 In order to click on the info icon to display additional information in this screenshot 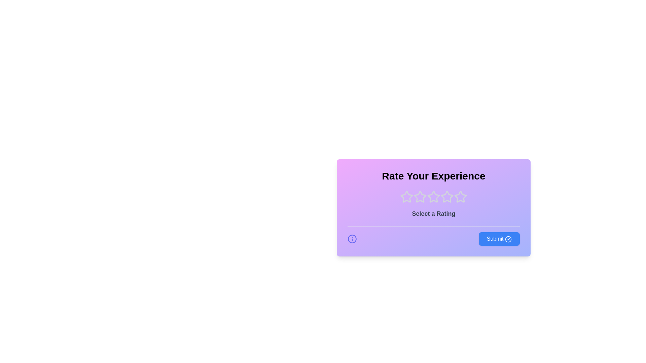, I will do `click(352, 238)`.